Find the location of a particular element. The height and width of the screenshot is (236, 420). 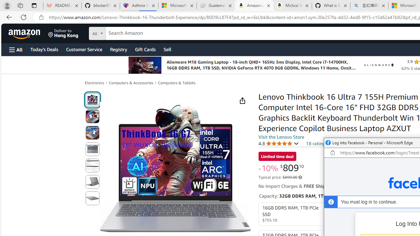

'Computers & Accessories' is located at coordinates (131, 82).